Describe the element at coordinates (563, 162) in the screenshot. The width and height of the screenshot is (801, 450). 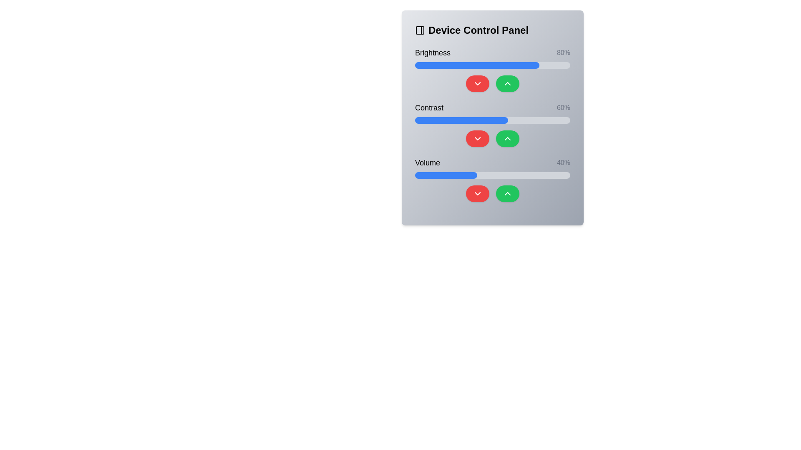
I see `text displayed in the gray '40%' label located at the far right of the 'Volume' control section, adjacent to the 'Volume' label and slider` at that location.